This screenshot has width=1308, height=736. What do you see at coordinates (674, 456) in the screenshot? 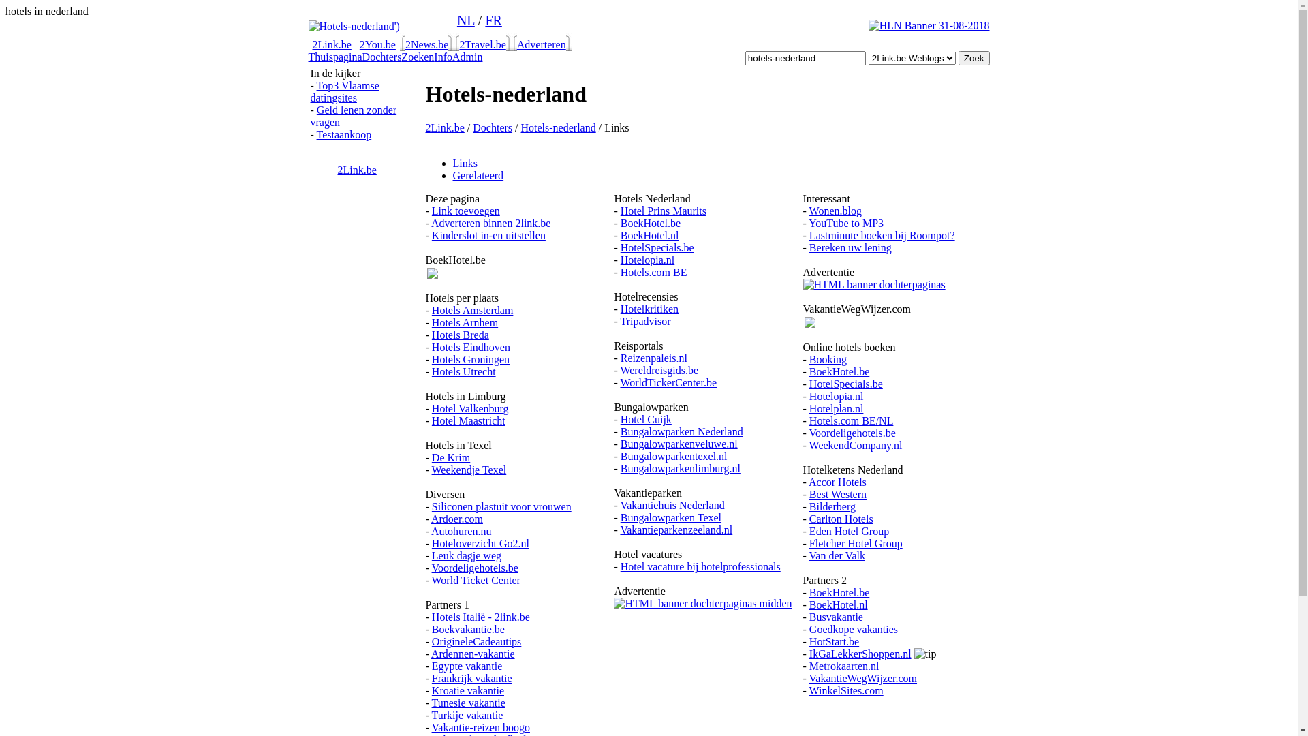
I see `'Bungalowparkentexel.nl'` at bounding box center [674, 456].